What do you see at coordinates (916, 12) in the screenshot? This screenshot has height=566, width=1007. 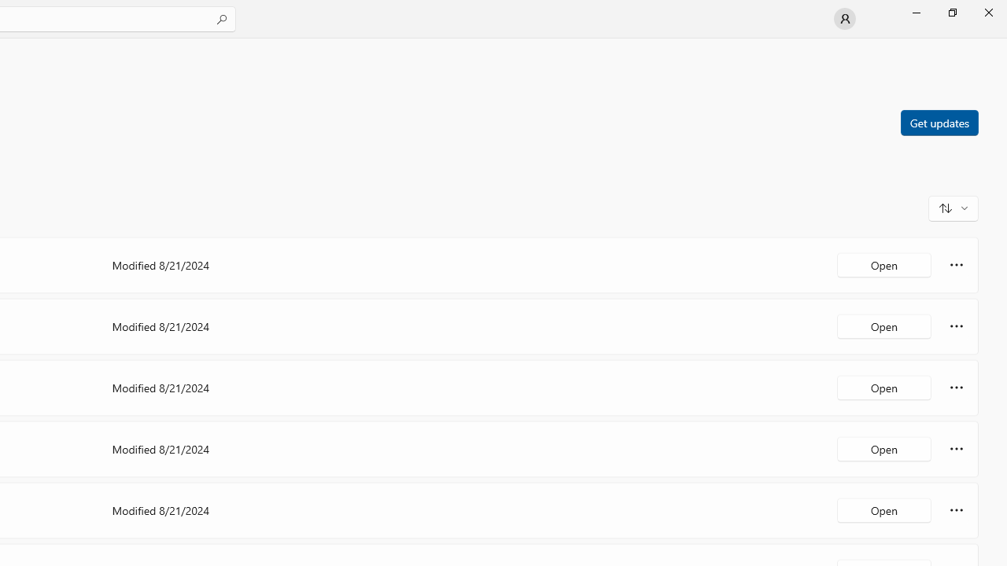 I see `'Minimize Microsoft Store'` at bounding box center [916, 12].